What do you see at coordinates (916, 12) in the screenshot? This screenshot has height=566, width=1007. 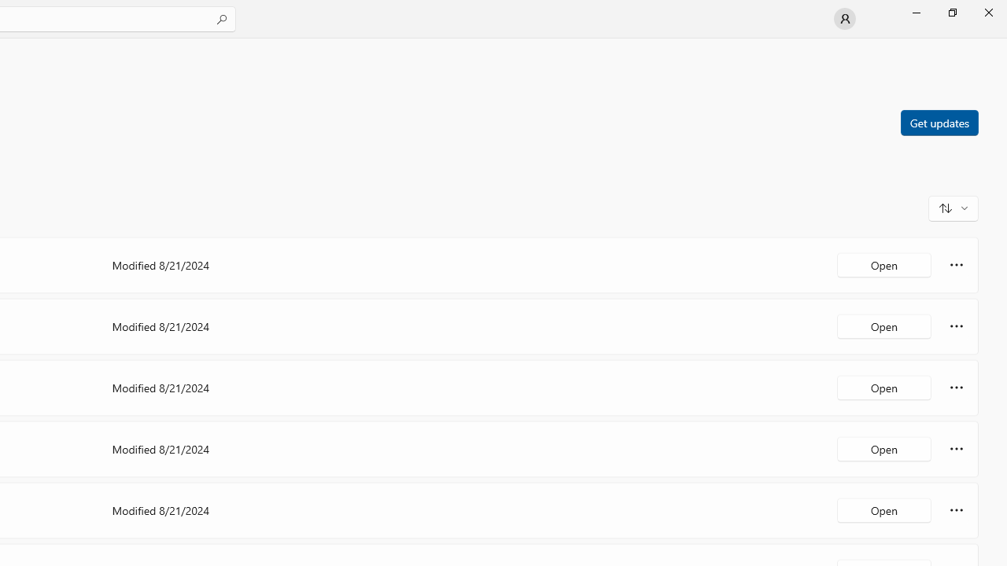 I see `'Minimize Microsoft Store'` at bounding box center [916, 12].